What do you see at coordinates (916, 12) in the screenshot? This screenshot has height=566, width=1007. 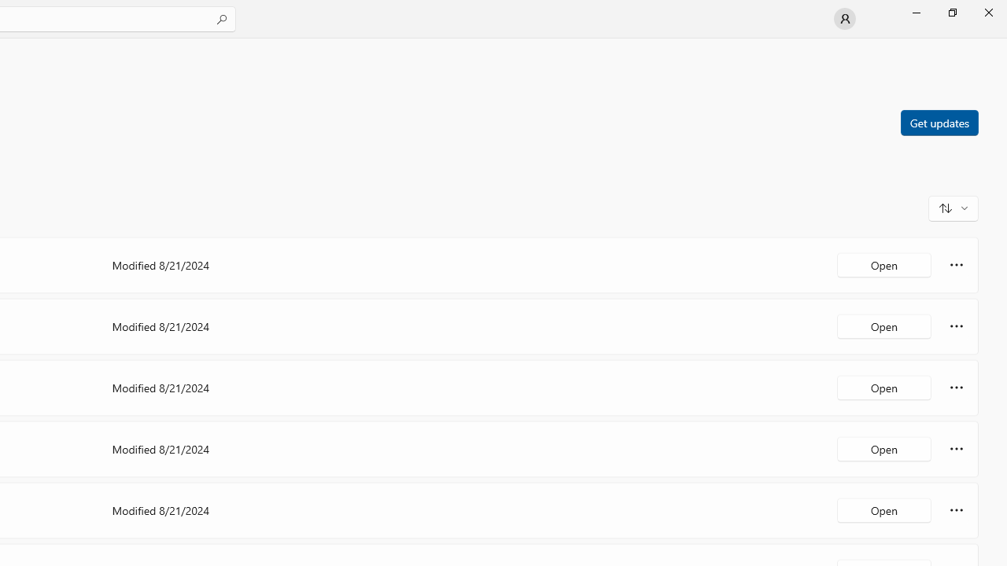 I see `'Minimize Microsoft Store'` at bounding box center [916, 12].